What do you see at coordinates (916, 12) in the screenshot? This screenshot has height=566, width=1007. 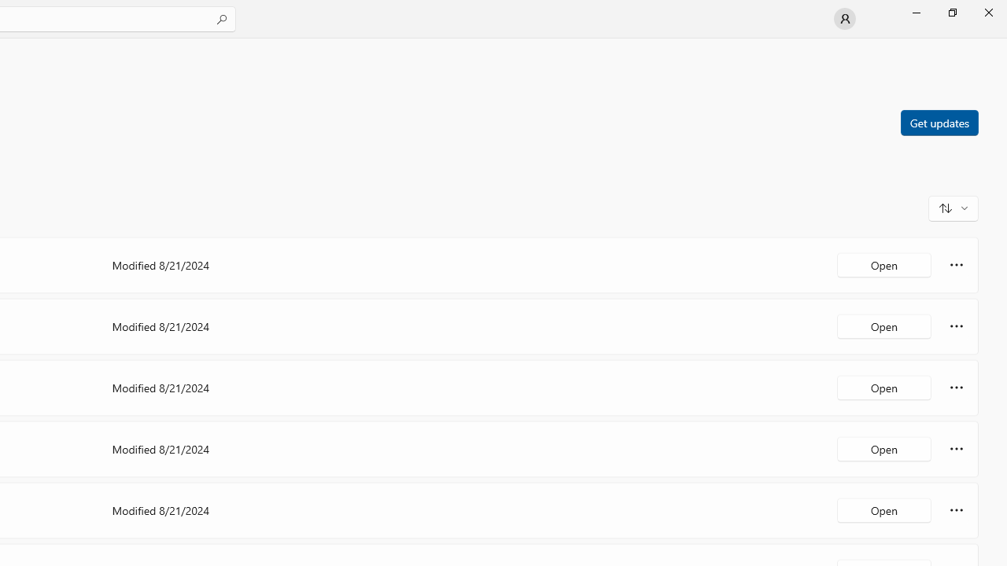 I see `'Minimize Microsoft Store'` at bounding box center [916, 12].